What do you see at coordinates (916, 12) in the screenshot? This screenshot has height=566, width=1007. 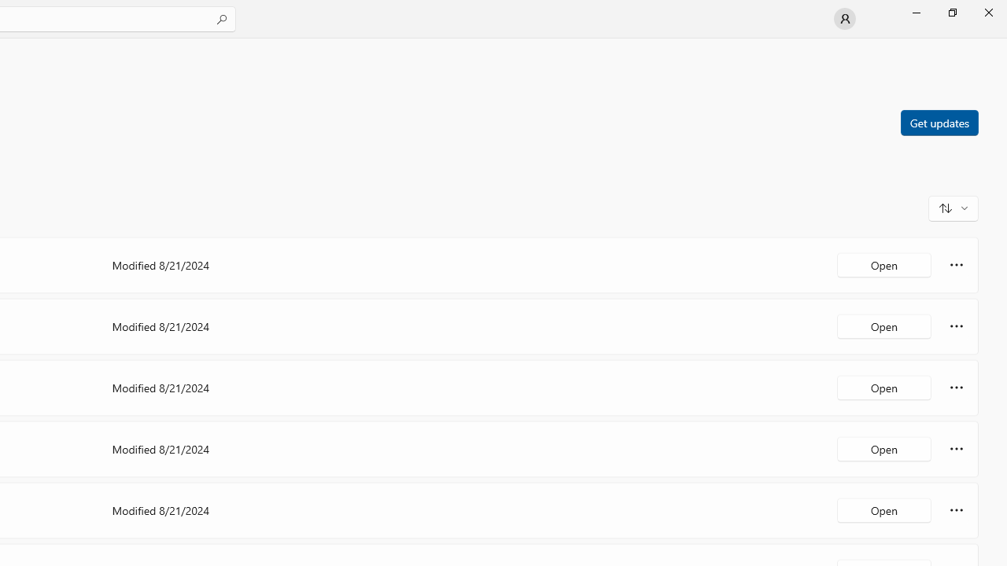 I see `'Minimize Microsoft Store'` at bounding box center [916, 12].